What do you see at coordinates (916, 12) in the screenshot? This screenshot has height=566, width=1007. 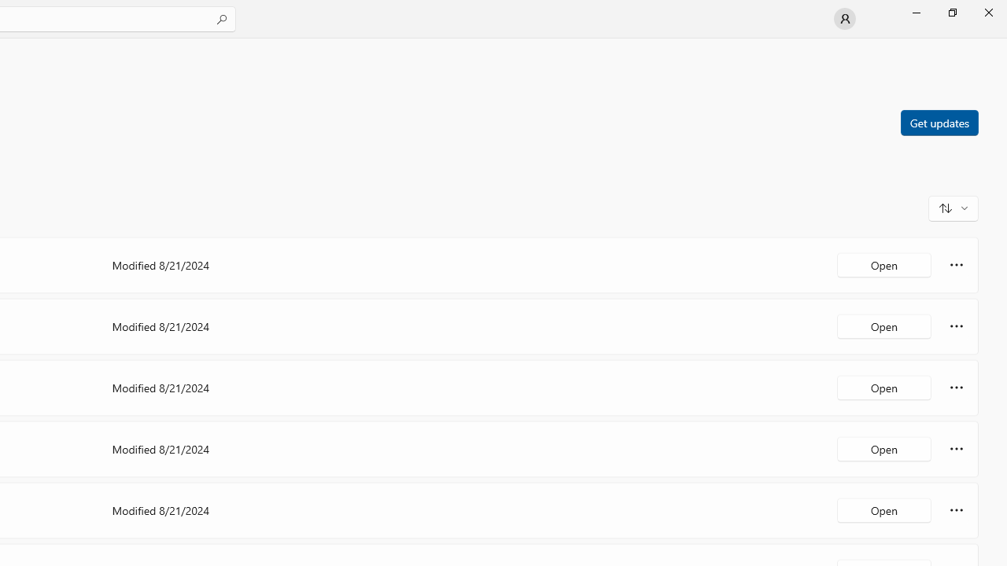 I see `'Minimize Microsoft Store'` at bounding box center [916, 12].